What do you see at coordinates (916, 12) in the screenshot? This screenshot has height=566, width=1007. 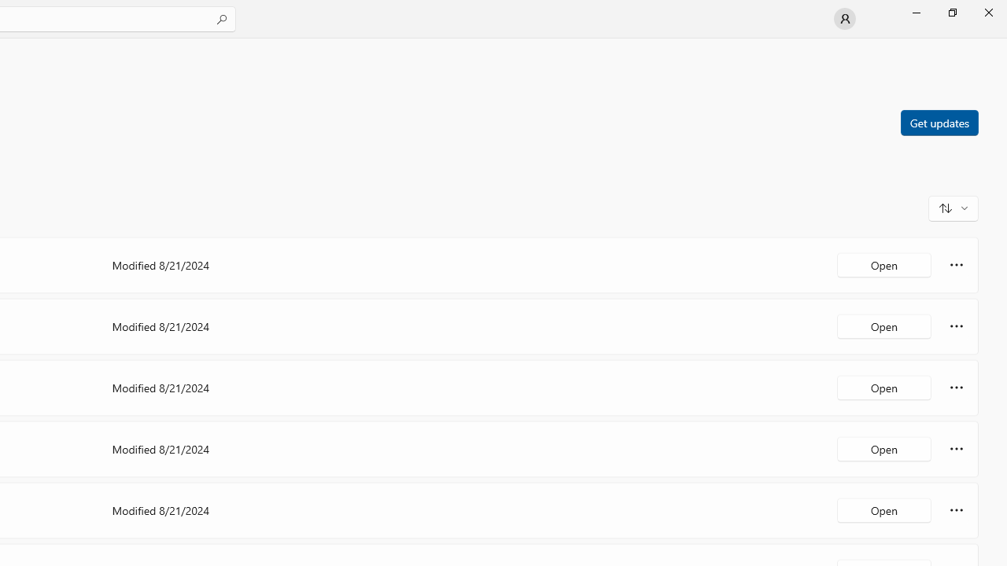 I see `'Minimize Microsoft Store'` at bounding box center [916, 12].